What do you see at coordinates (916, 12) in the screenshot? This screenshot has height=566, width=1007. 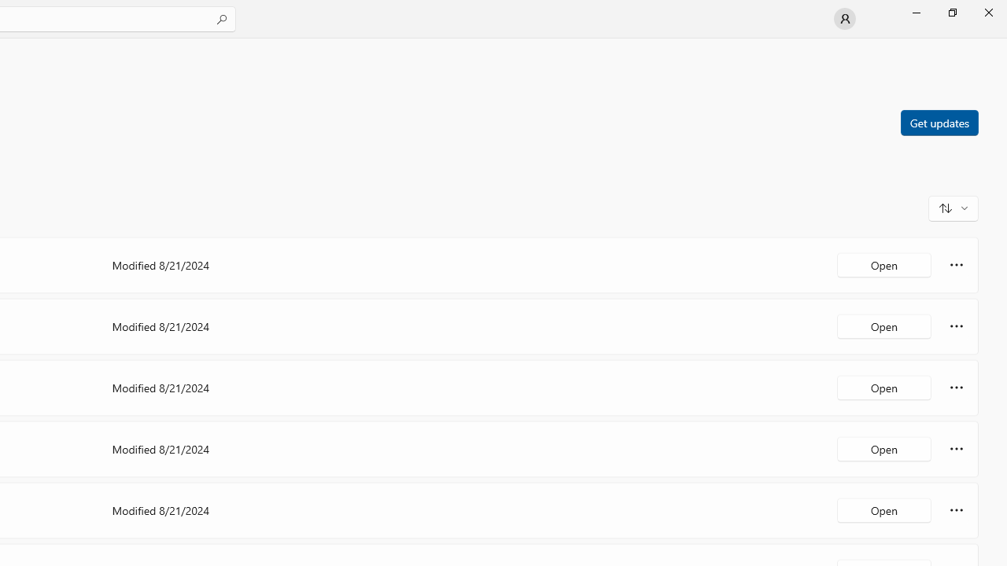 I see `'Minimize Microsoft Store'` at bounding box center [916, 12].